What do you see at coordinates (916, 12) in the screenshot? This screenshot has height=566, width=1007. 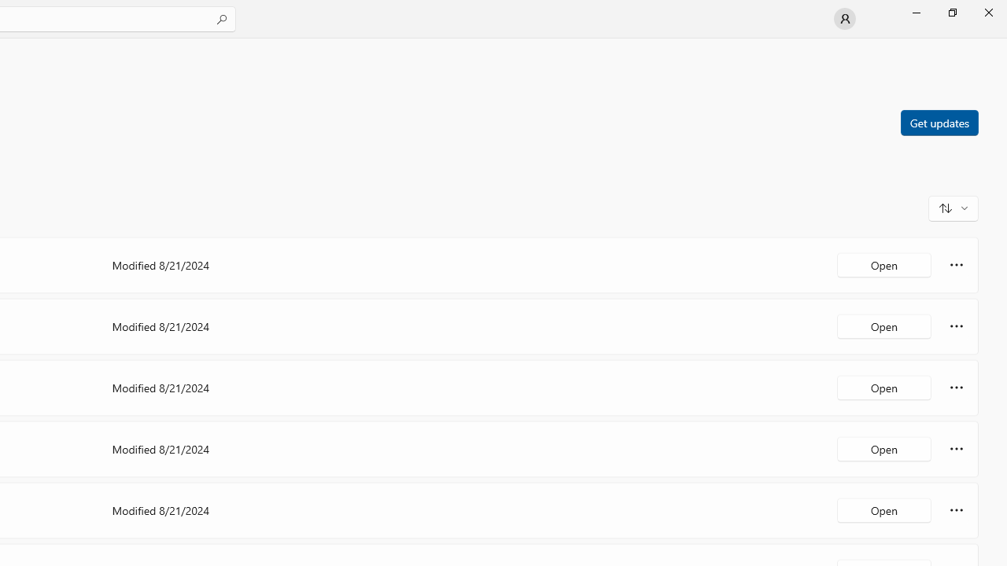 I see `'Minimize Microsoft Store'` at bounding box center [916, 12].